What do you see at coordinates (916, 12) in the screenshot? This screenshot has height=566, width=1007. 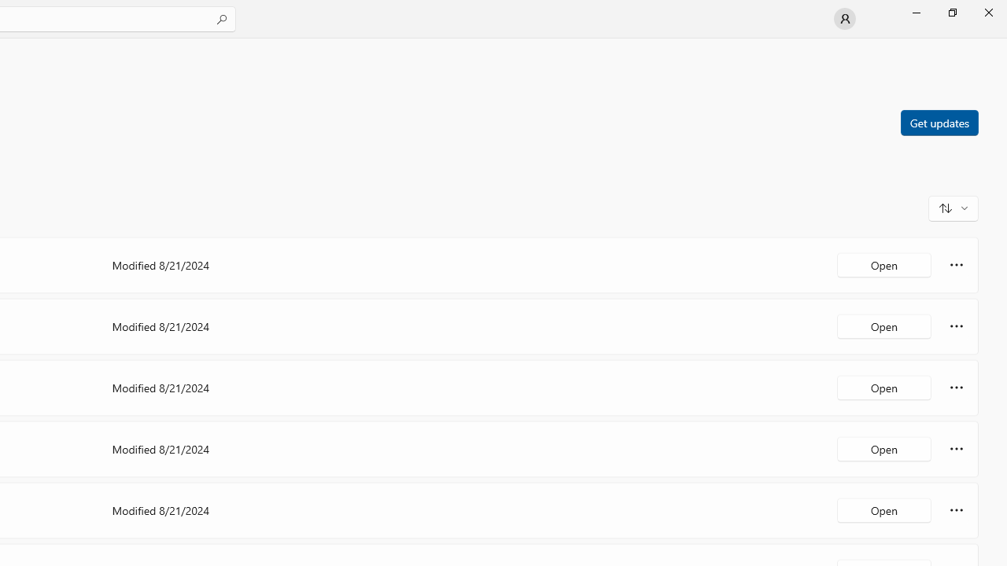 I see `'Minimize Microsoft Store'` at bounding box center [916, 12].